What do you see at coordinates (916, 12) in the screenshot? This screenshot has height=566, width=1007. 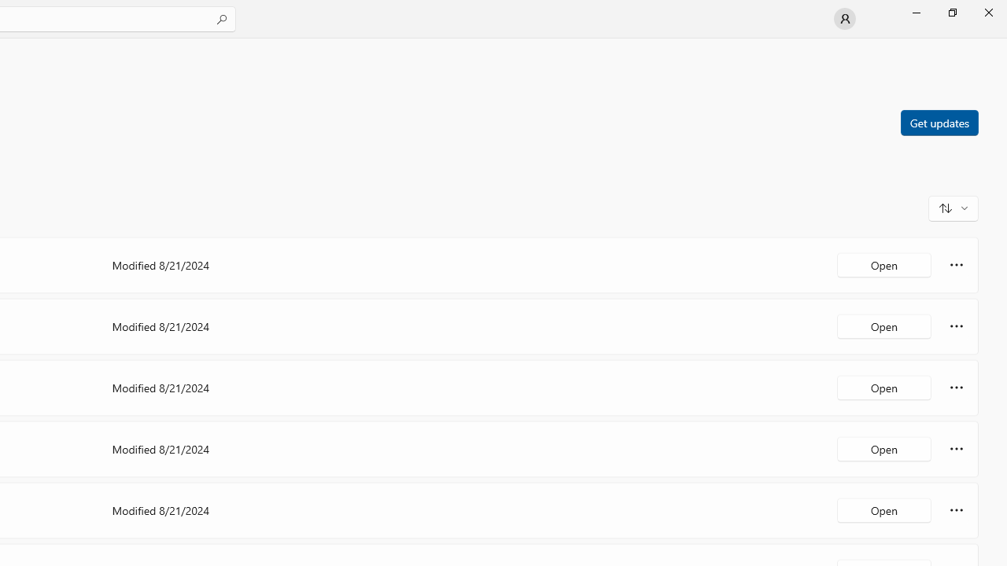 I see `'Minimize Microsoft Store'` at bounding box center [916, 12].